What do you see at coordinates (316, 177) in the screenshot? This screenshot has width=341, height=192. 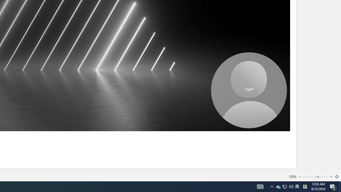 I see `'Zoom'` at bounding box center [316, 177].